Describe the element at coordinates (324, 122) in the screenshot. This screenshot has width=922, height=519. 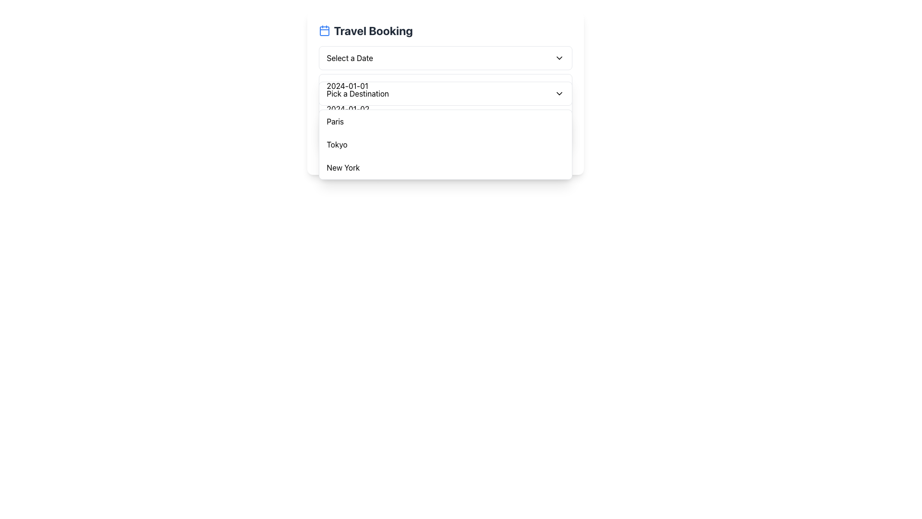
I see `the green circular icon with a checkmark that appears to the left of the text 'Paris' in the dropdown menu under 'Pick a Destination'` at that location.